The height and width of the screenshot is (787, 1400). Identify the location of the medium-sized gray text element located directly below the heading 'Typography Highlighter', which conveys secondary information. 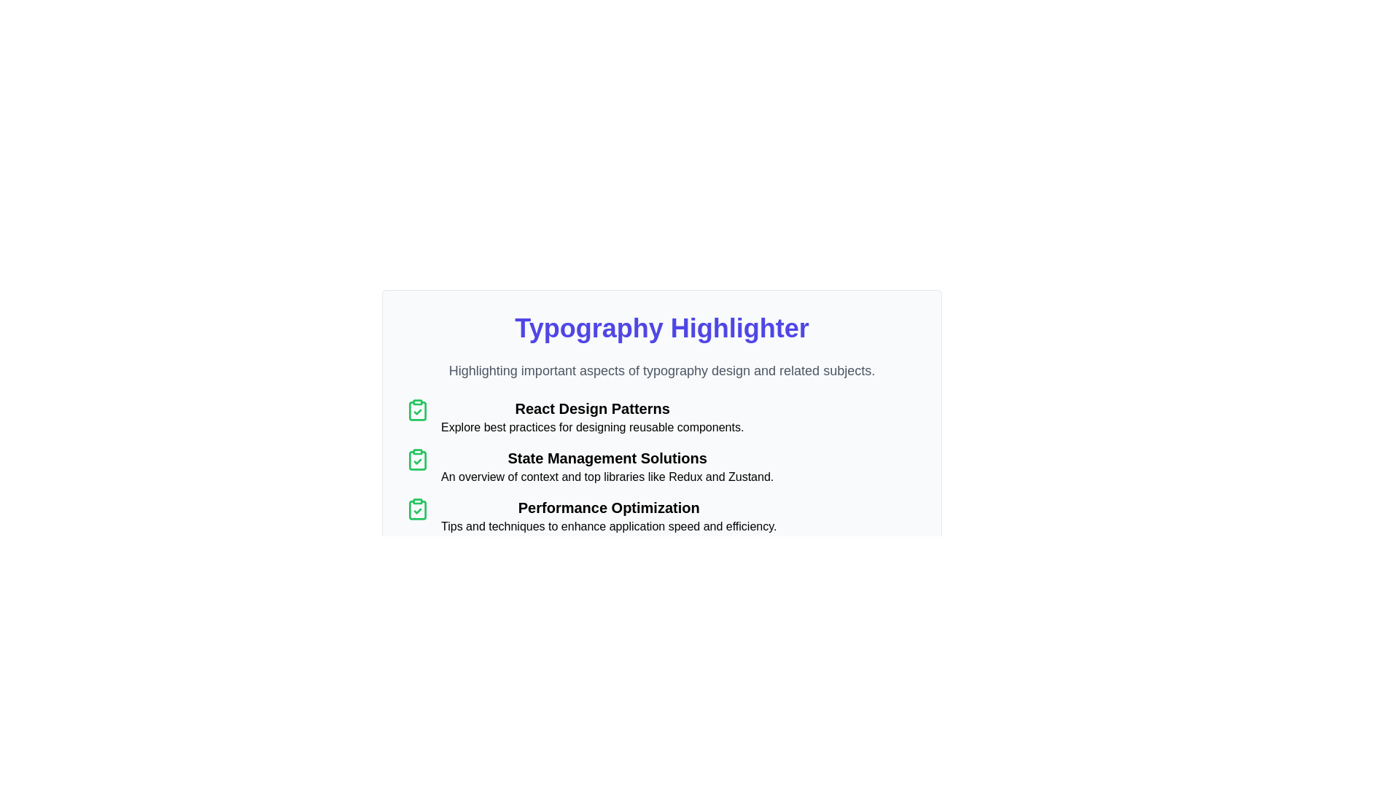
(661, 370).